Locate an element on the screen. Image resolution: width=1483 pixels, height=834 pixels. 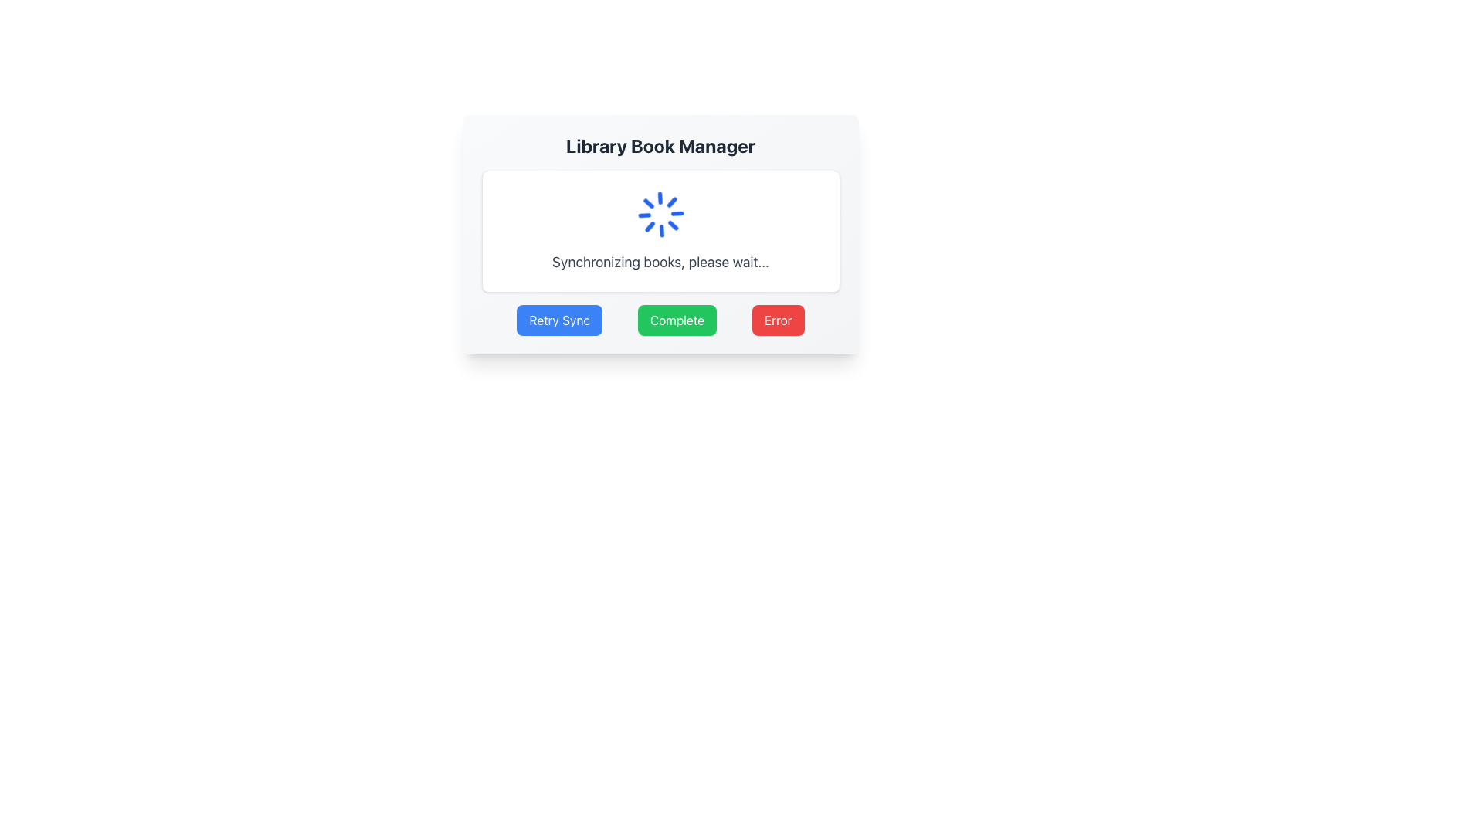
the Loading Spinner, which is a visual indicator of loading or processing, located centrally above the text 'Synchronizing books, please wait...' is located at coordinates (660, 214).